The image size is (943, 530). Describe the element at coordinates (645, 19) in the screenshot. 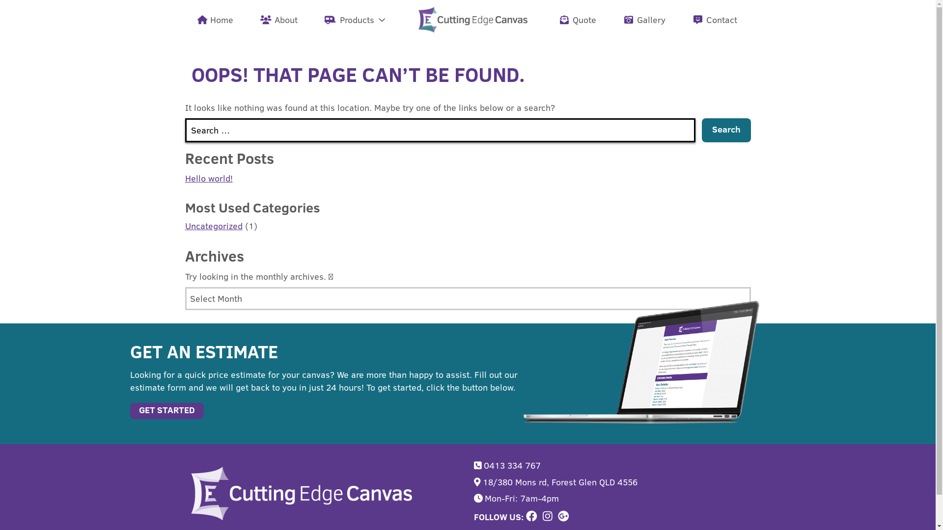

I see `'Gallery'` at that location.